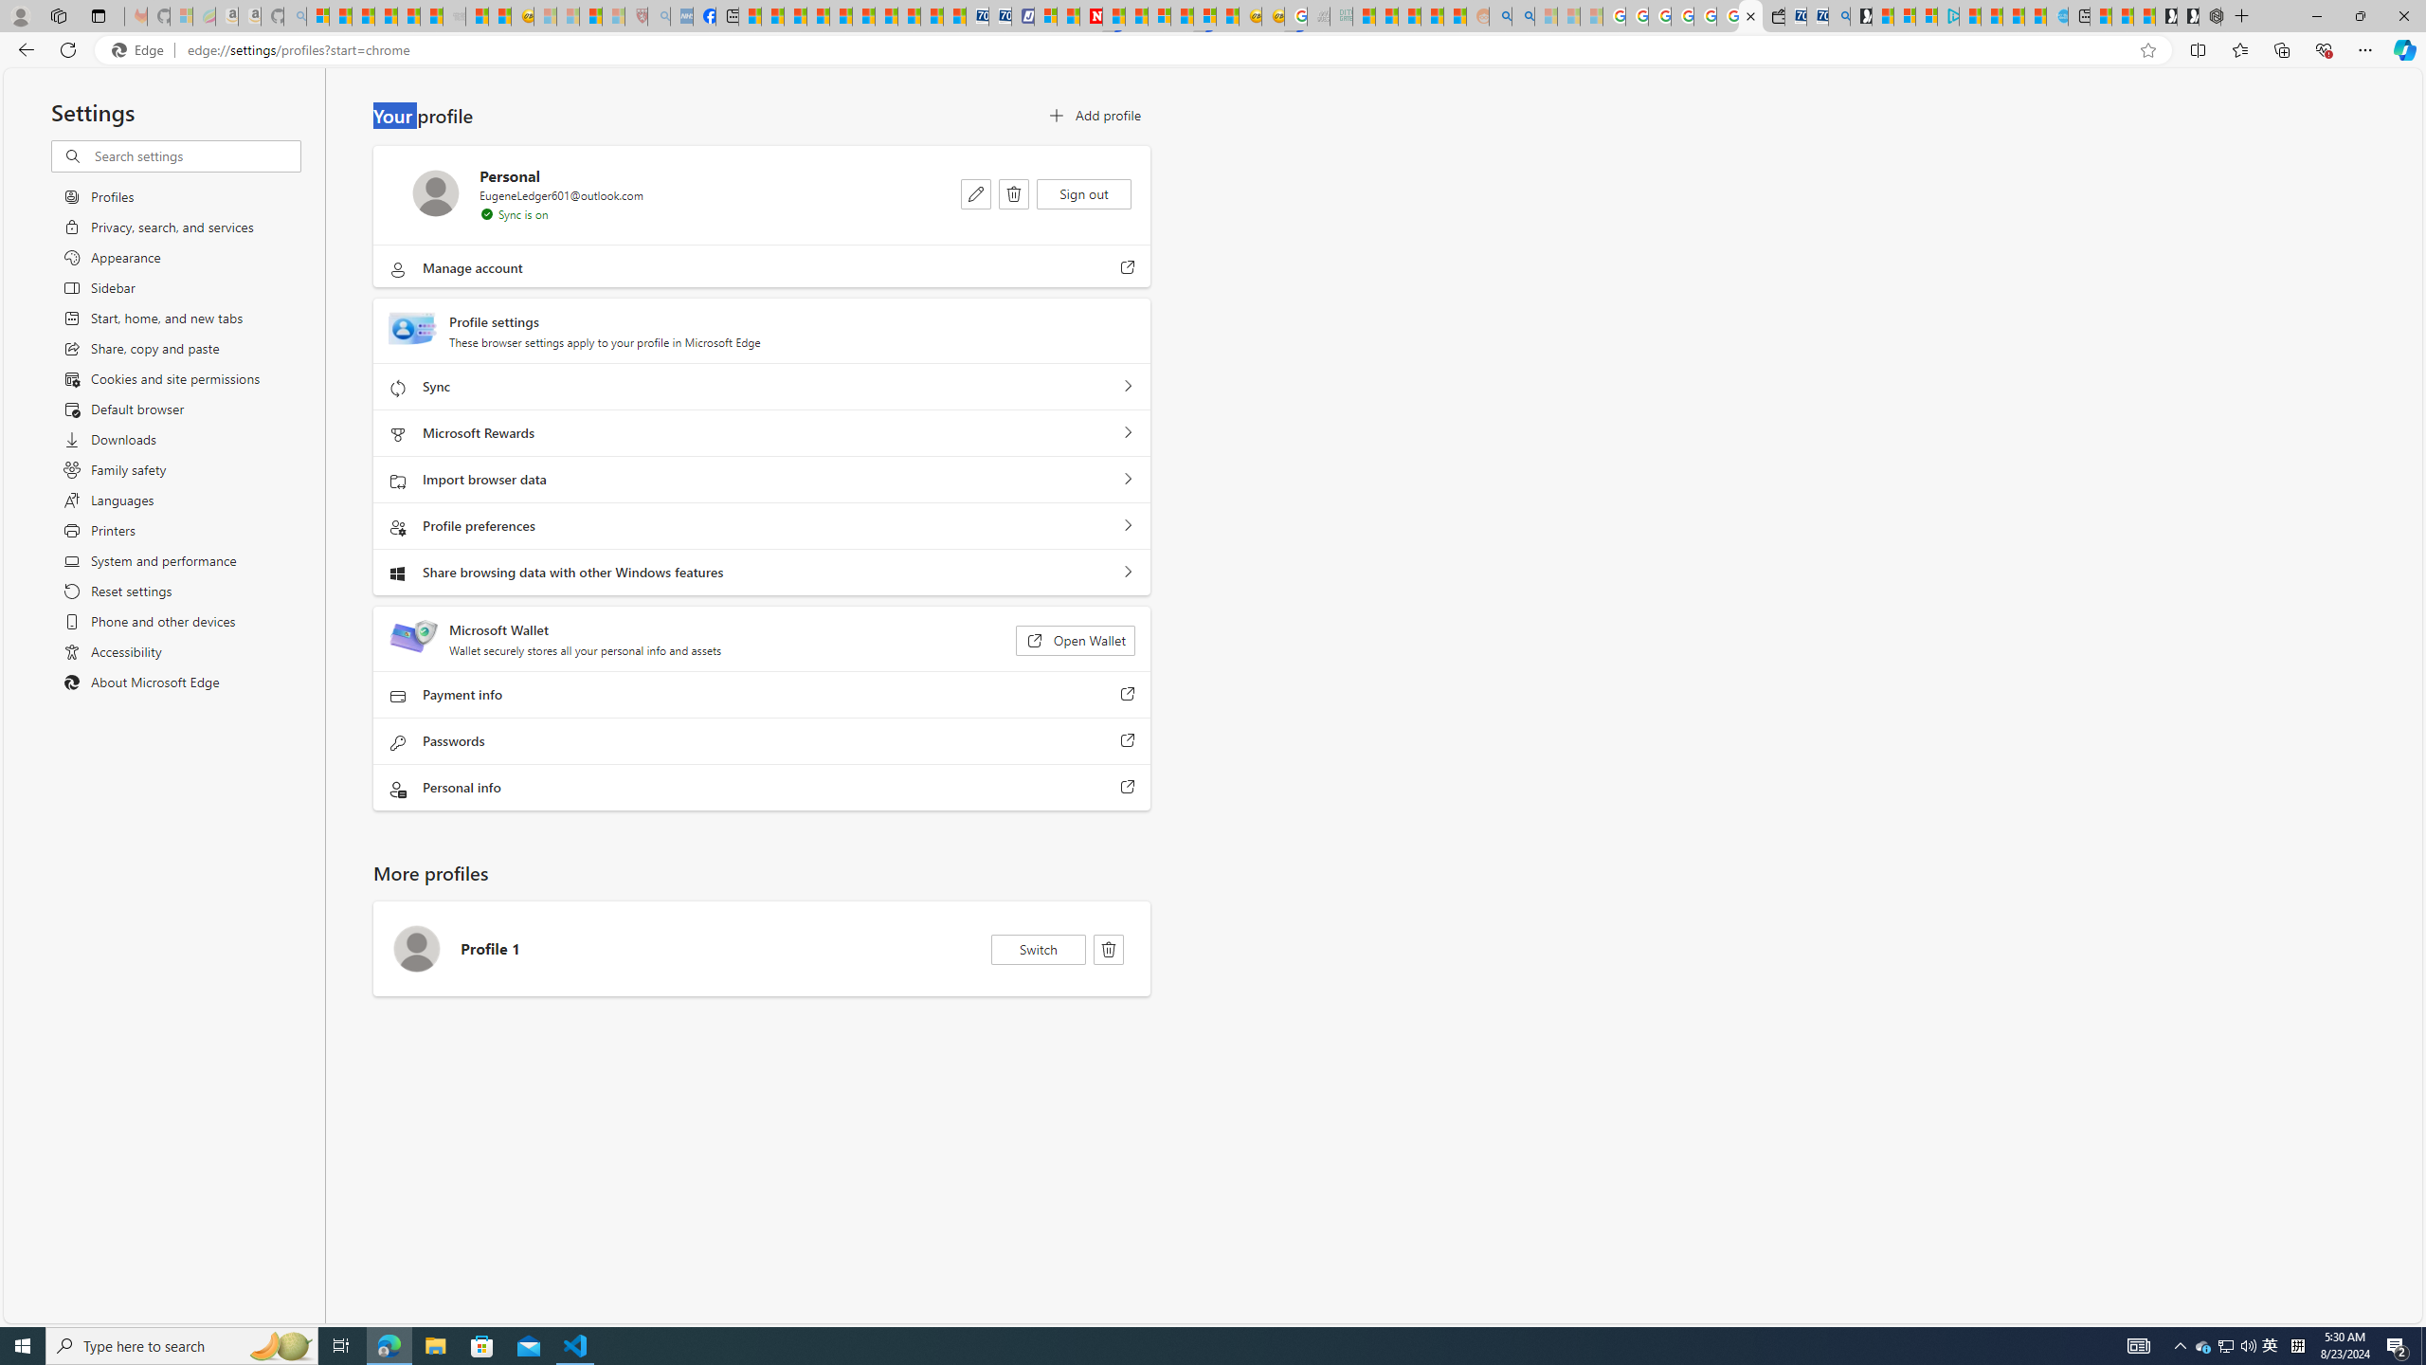 This screenshot has height=1365, width=2426. What do you see at coordinates (1109, 950) in the screenshot?
I see `'Delete'` at bounding box center [1109, 950].